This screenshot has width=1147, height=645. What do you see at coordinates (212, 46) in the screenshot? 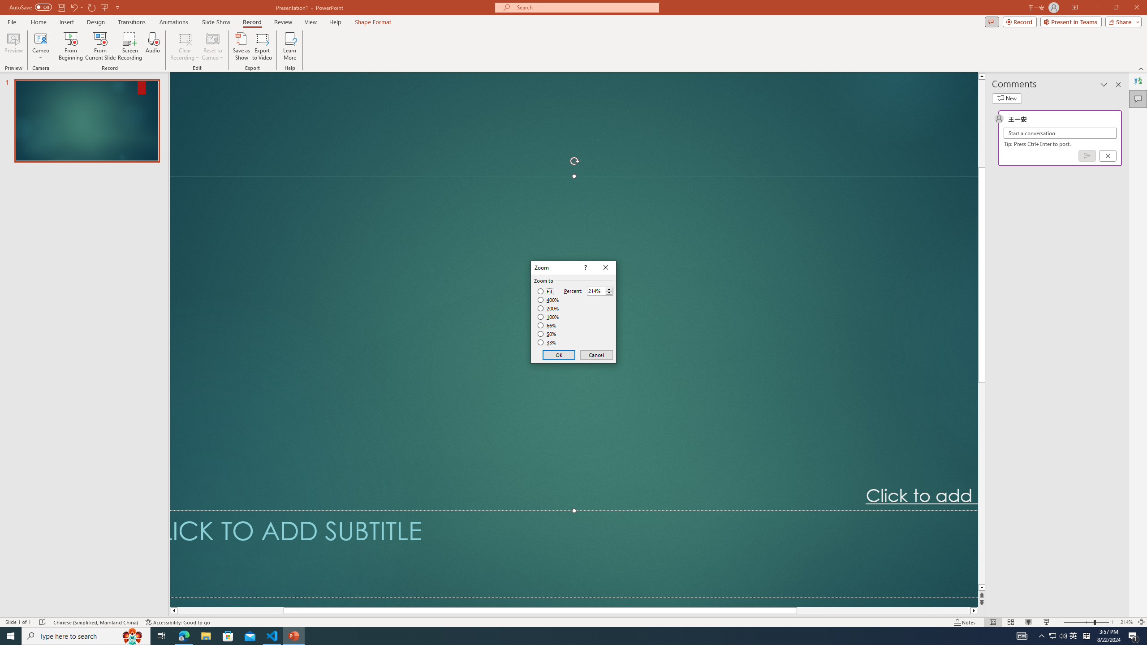
I see `'Reset to Cameo'` at bounding box center [212, 46].